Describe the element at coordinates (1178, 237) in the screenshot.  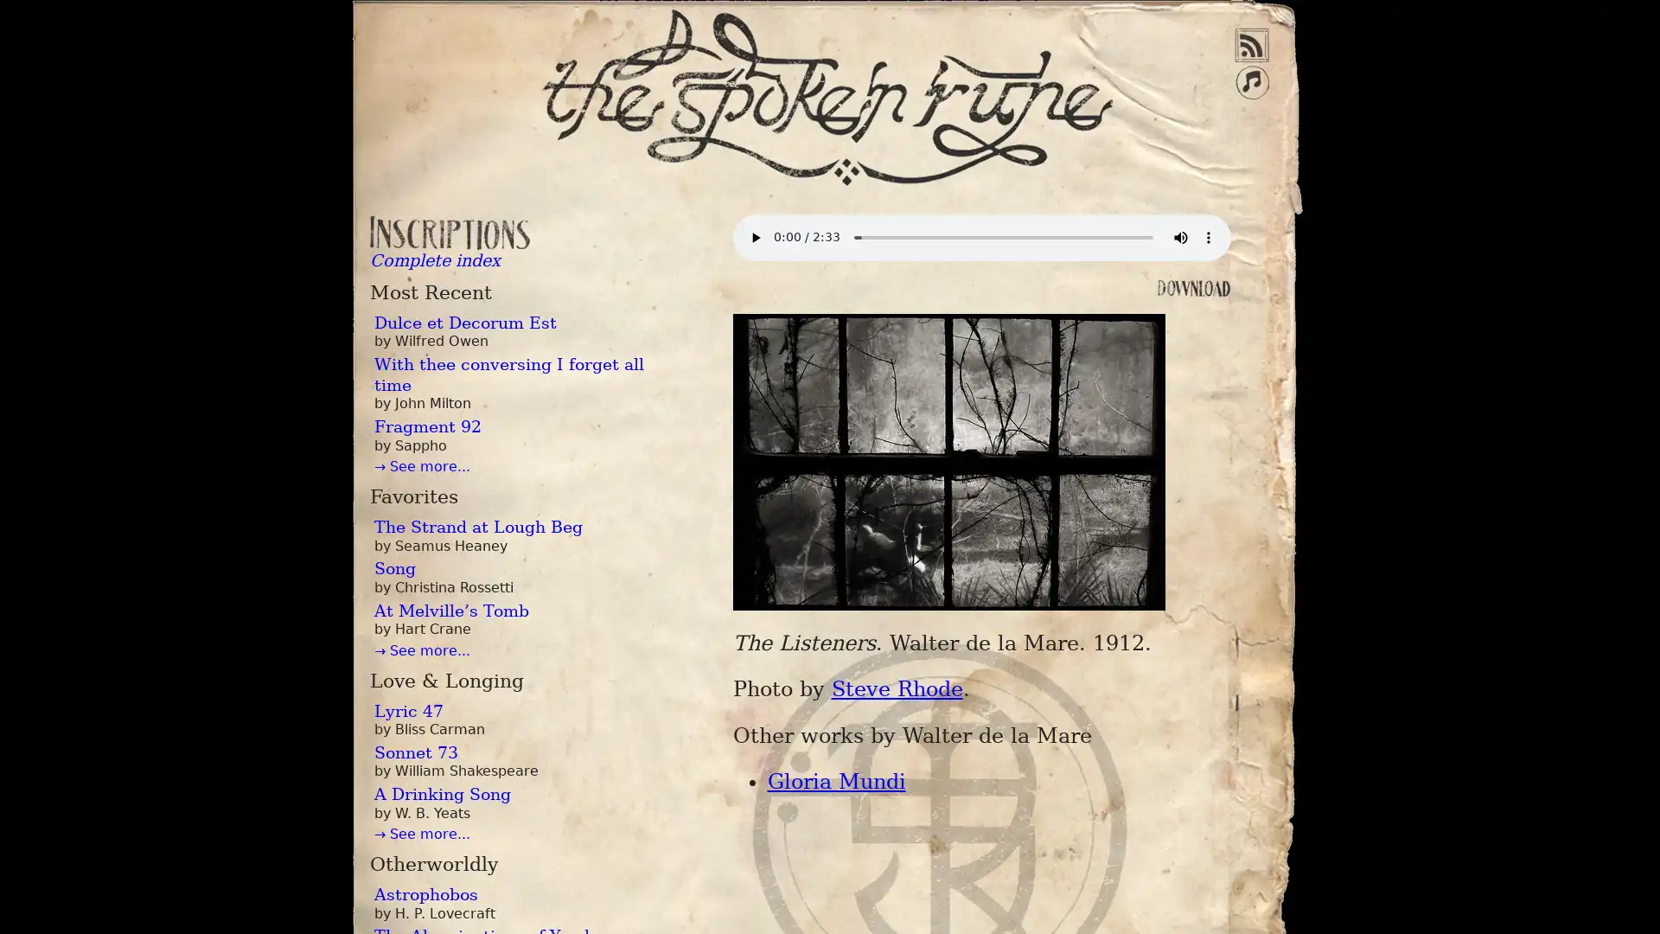
I see `mute` at that location.